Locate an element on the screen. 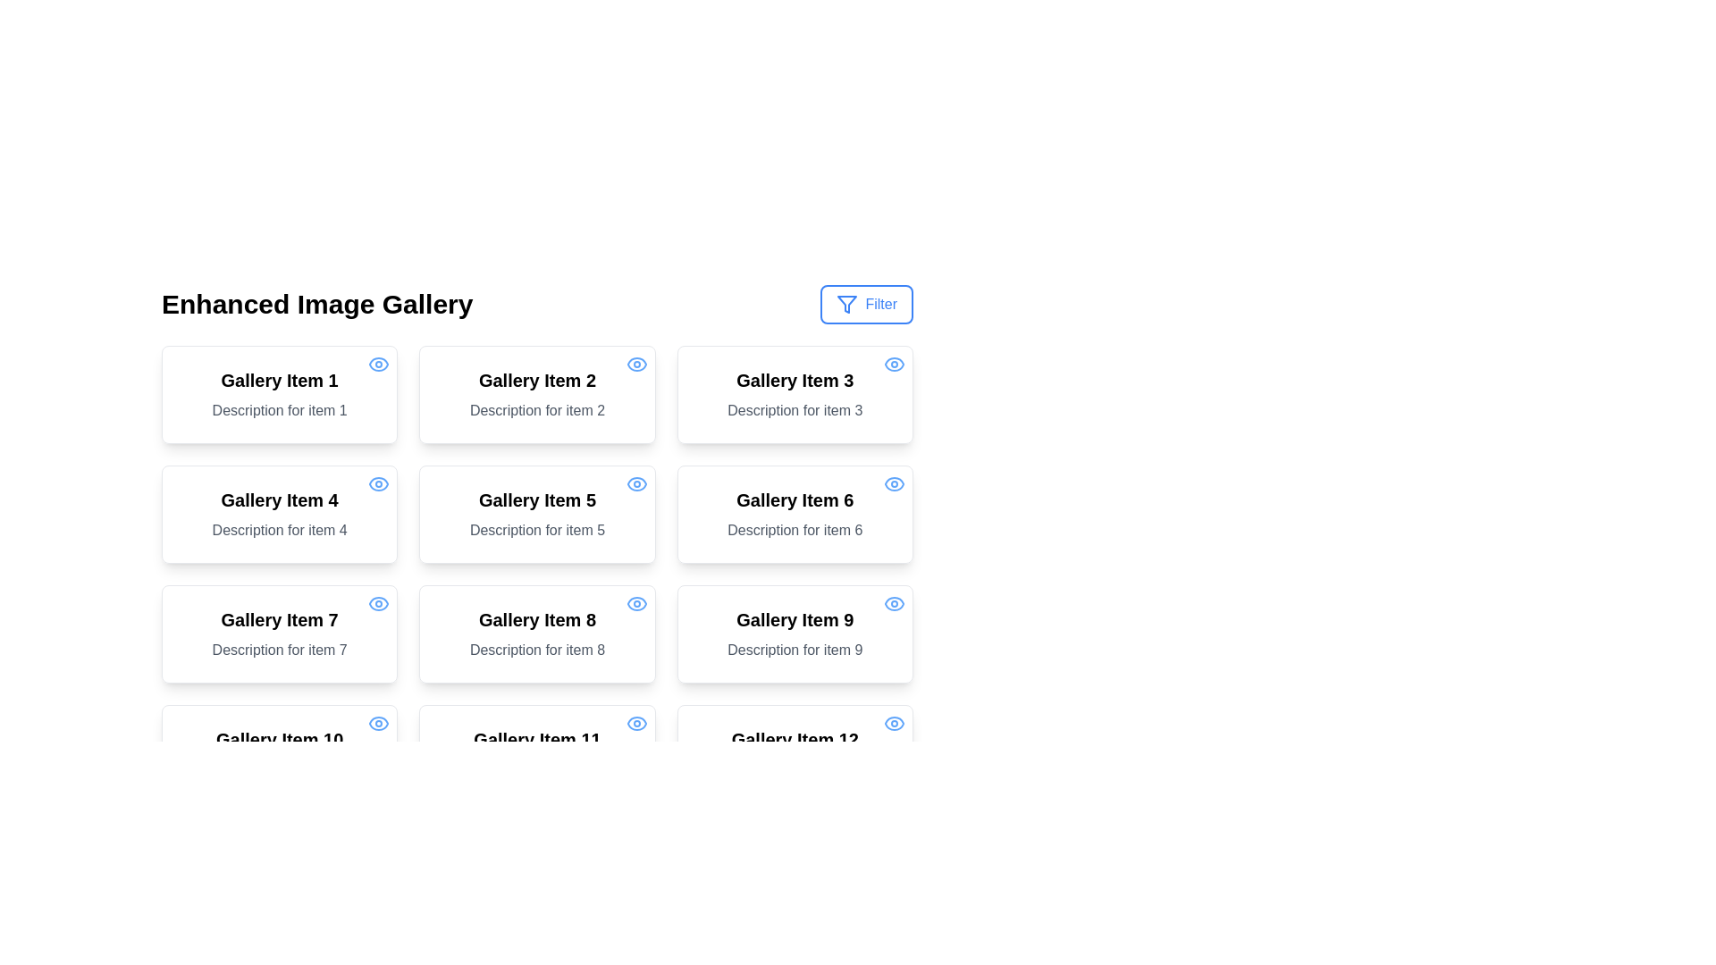  the Card element titled 'Gallery Item 12' which is located in the bottom-right corner of the grid layout is located at coordinates (794, 754).